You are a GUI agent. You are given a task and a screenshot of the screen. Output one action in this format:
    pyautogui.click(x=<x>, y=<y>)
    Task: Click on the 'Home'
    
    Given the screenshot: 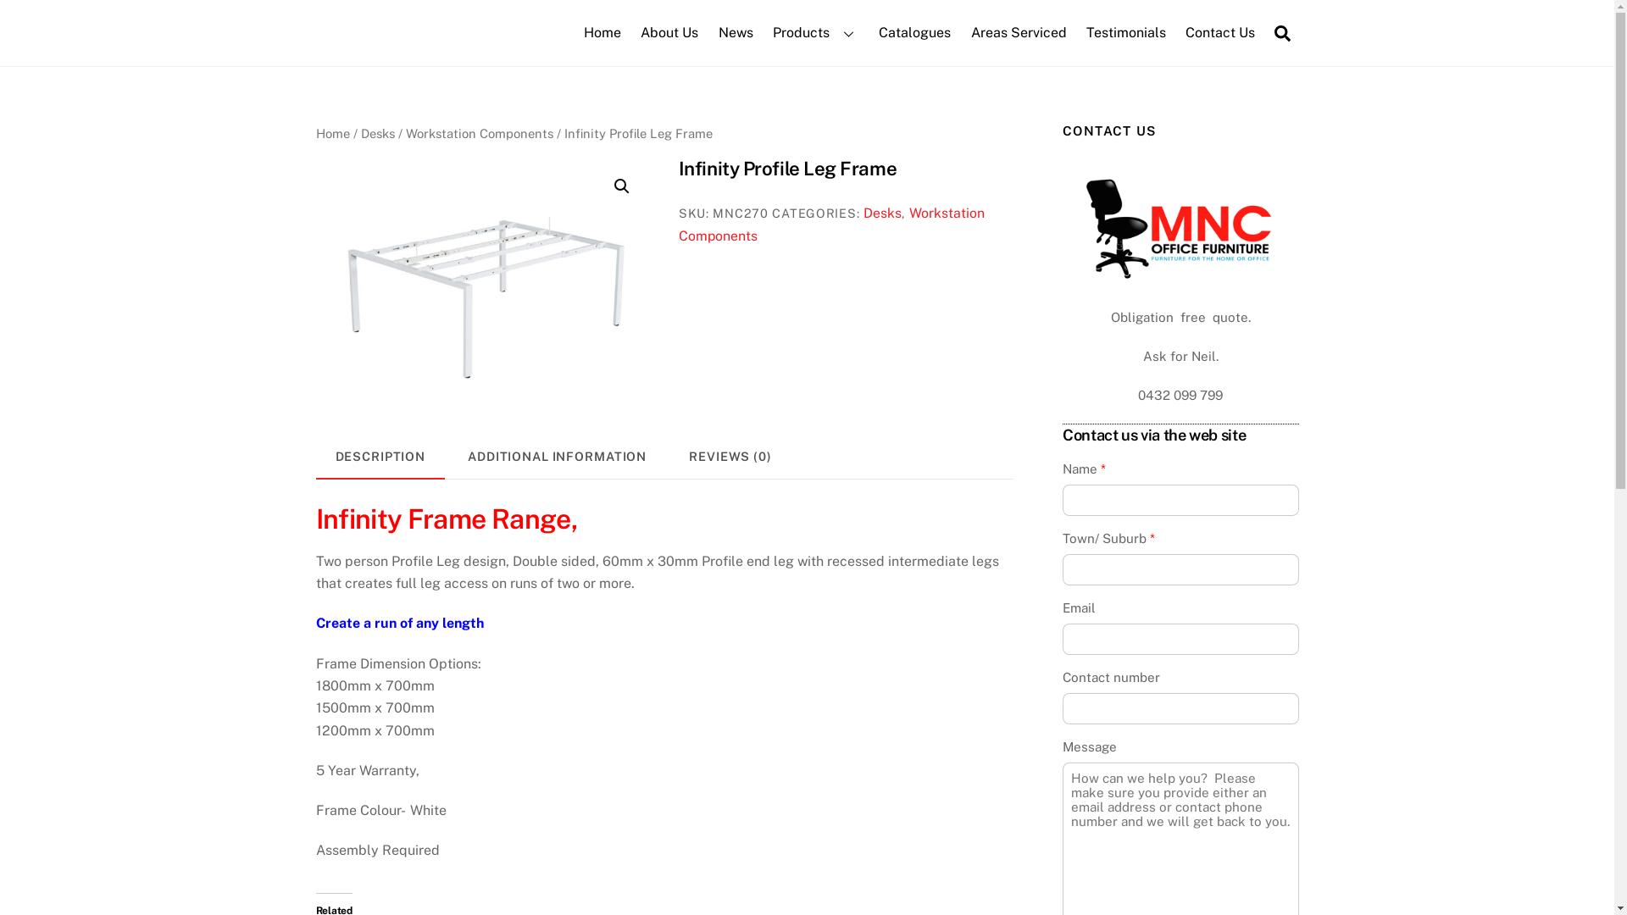 What is the action you would take?
    pyautogui.click(x=332, y=132)
    